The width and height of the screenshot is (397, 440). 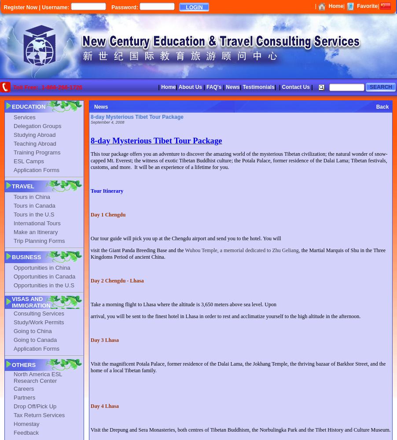 What do you see at coordinates (34, 213) in the screenshot?
I see `'Tours in the U.S'` at bounding box center [34, 213].